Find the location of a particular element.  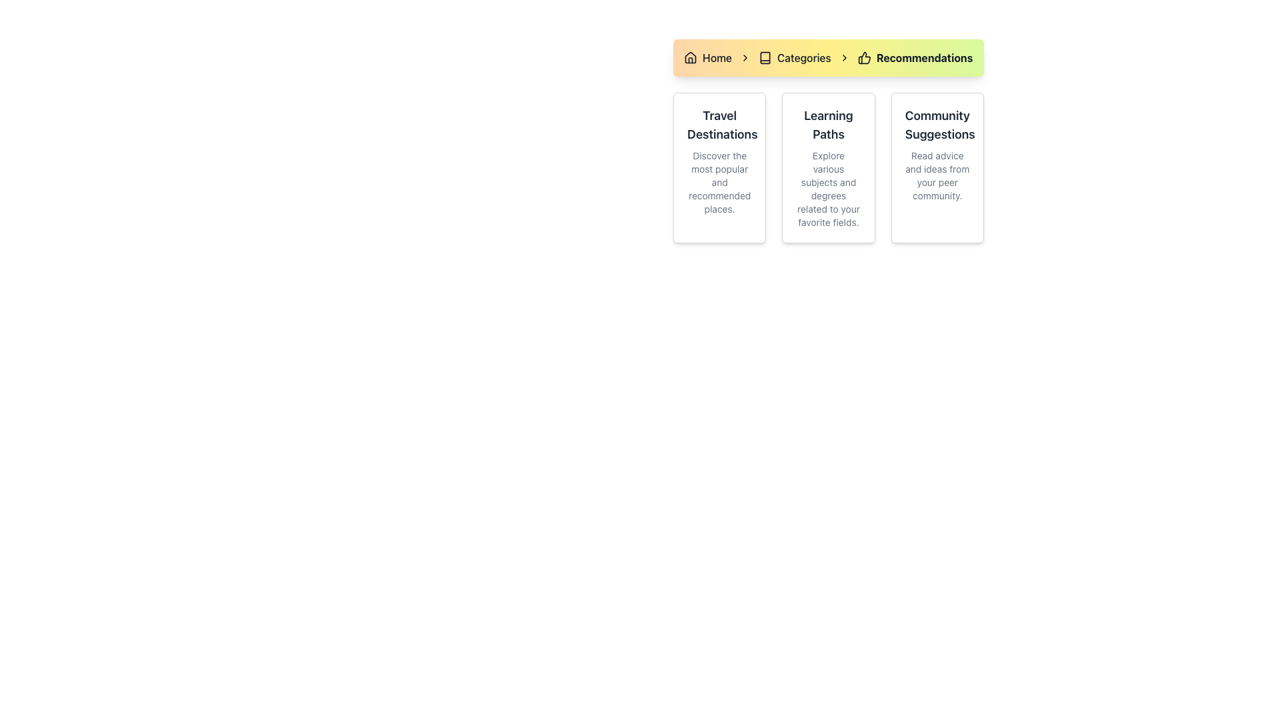

the Breadcrumb navigation item labeled 'Recommendations' is located at coordinates (915, 57).